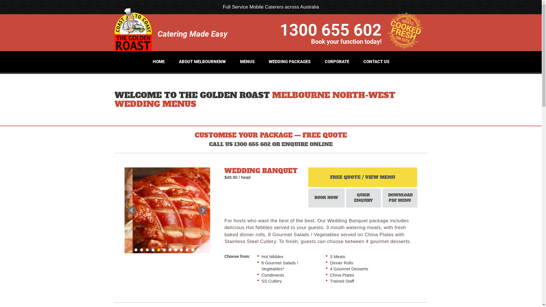 The image size is (546, 307). I want to click on 'MENUS', so click(247, 62).